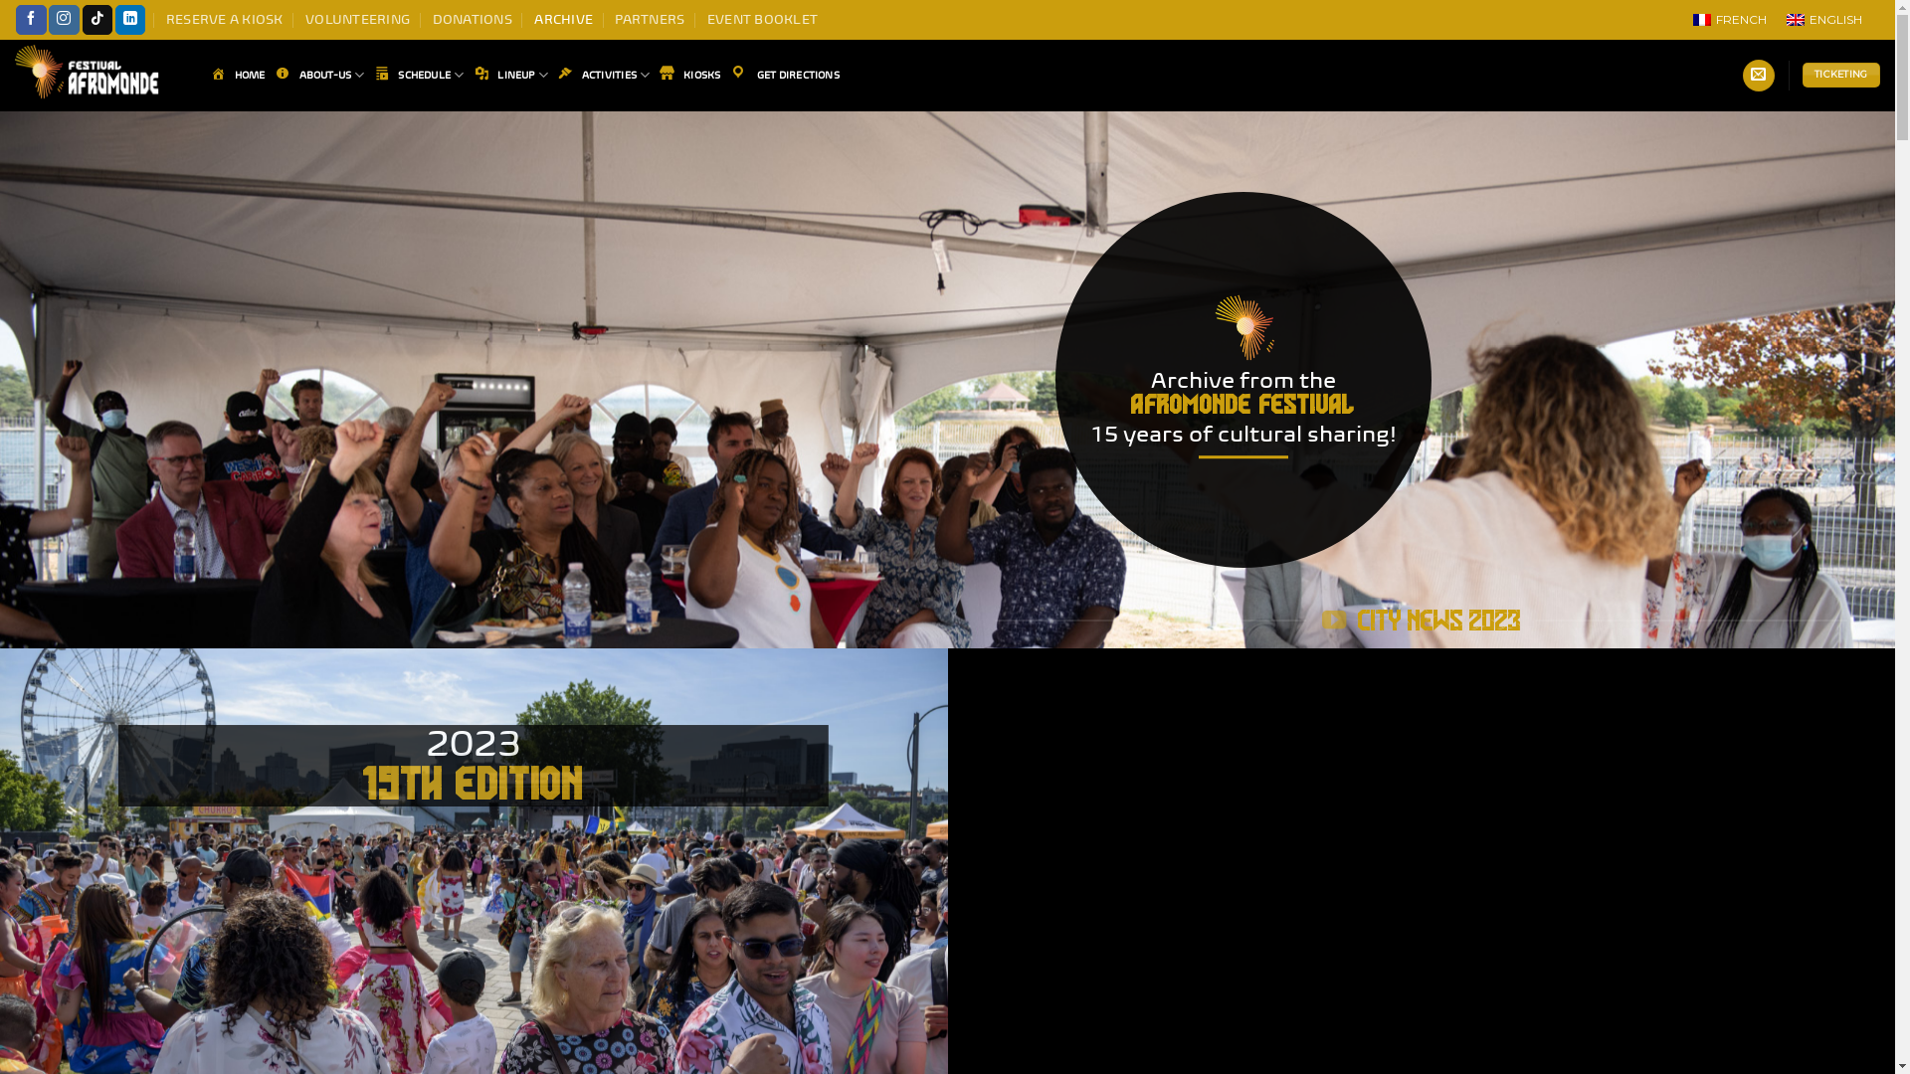  I want to click on 'KIOSKS', so click(659, 75).